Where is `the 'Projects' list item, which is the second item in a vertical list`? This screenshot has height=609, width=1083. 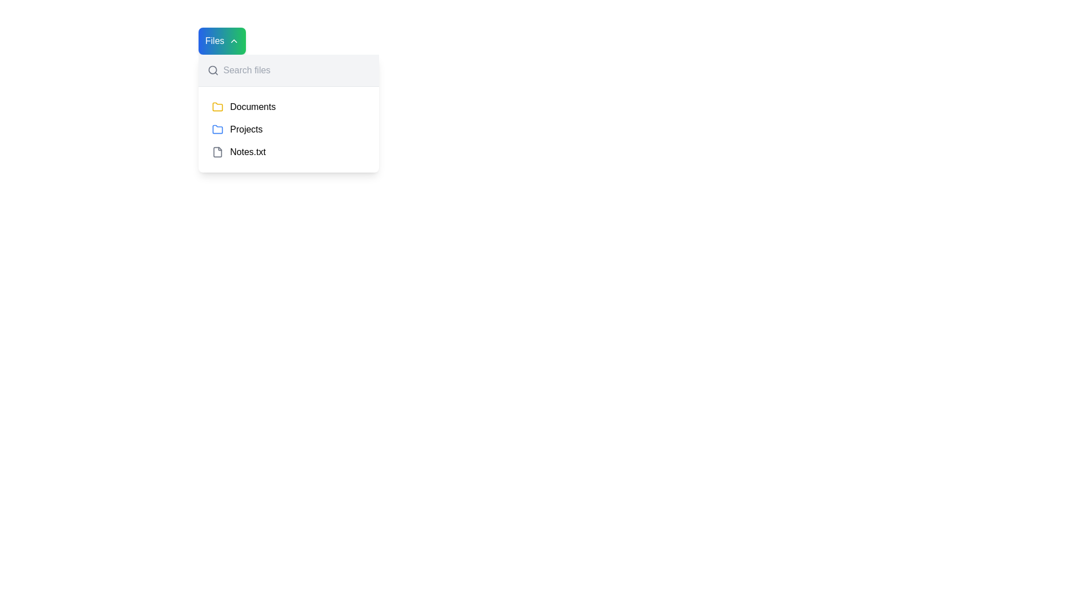
the 'Projects' list item, which is the second item in a vertical list is located at coordinates (289, 129).